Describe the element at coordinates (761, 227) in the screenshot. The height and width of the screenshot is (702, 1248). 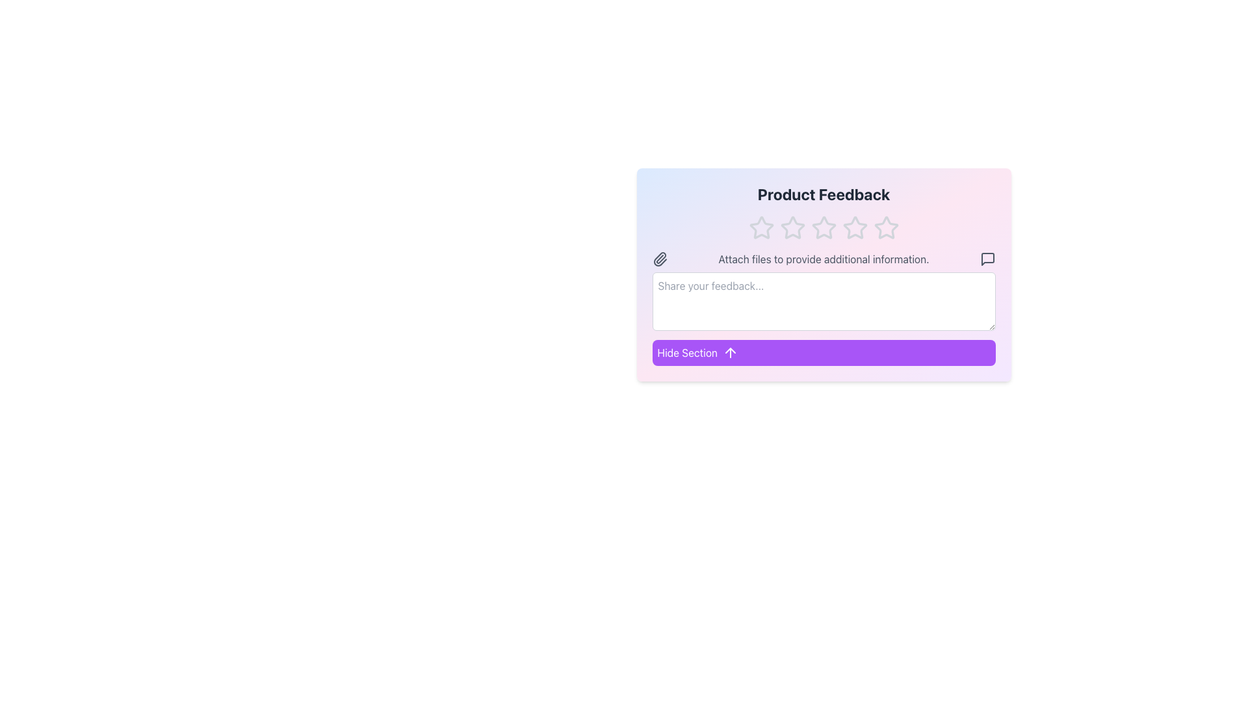
I see `the first star icon in the feedback section, directly under the 'Product Feedback' label, to register a 1-star rating` at that location.